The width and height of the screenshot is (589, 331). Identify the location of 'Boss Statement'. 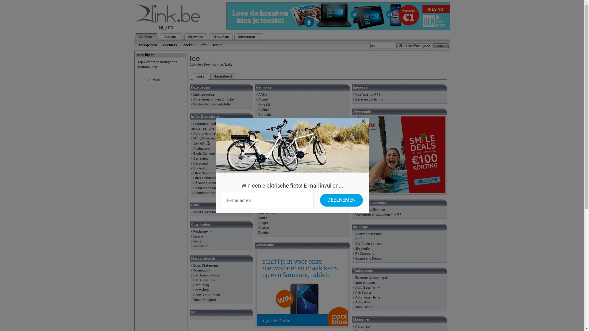
(206, 265).